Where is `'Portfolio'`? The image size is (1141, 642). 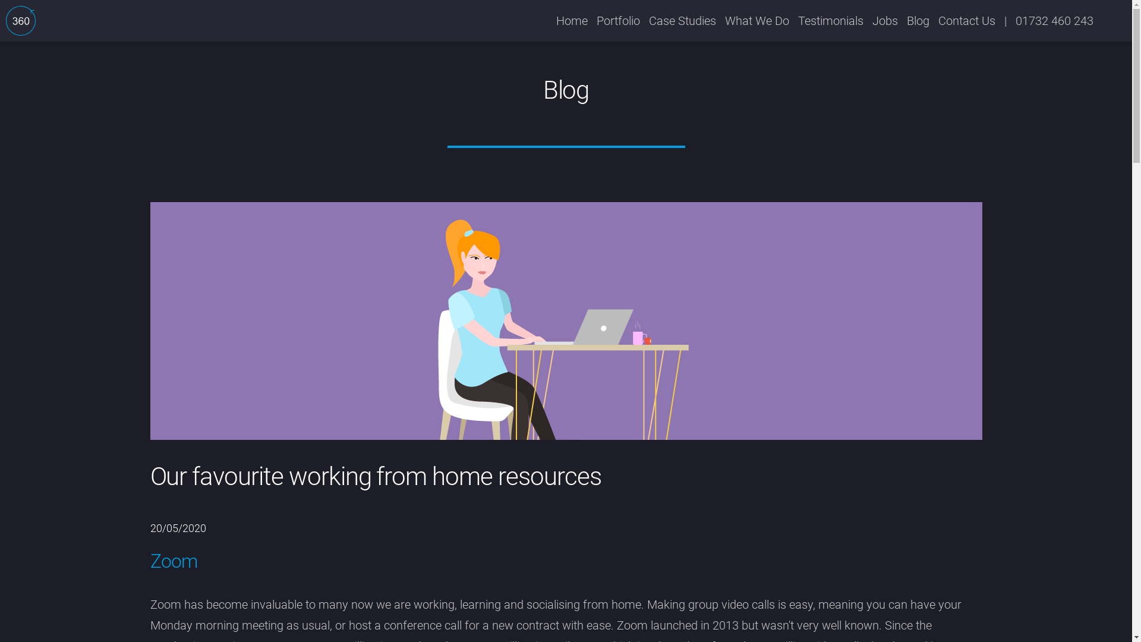 'Portfolio' is located at coordinates (618, 21).